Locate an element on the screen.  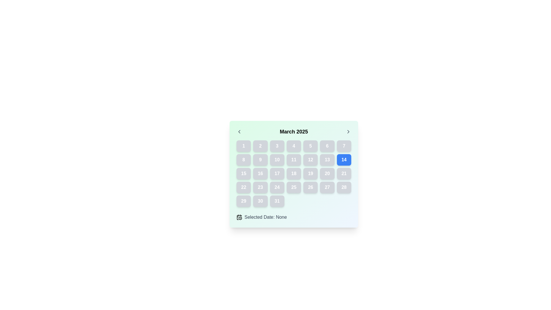
the date selection button located in the fourth row and sixth column under the heading 'March 2025', which highlights the button for selection is located at coordinates (327, 173).